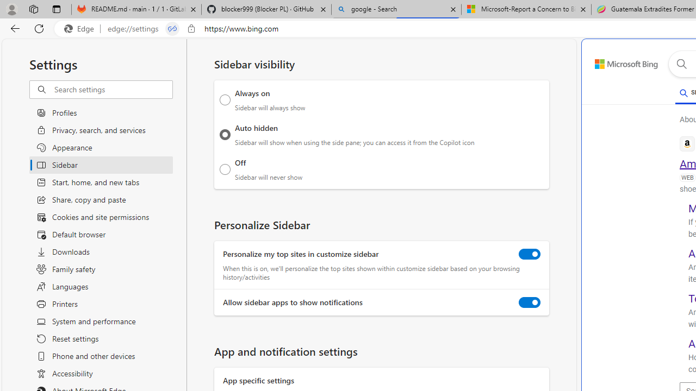  I want to click on 'Refresh', so click(39, 28).